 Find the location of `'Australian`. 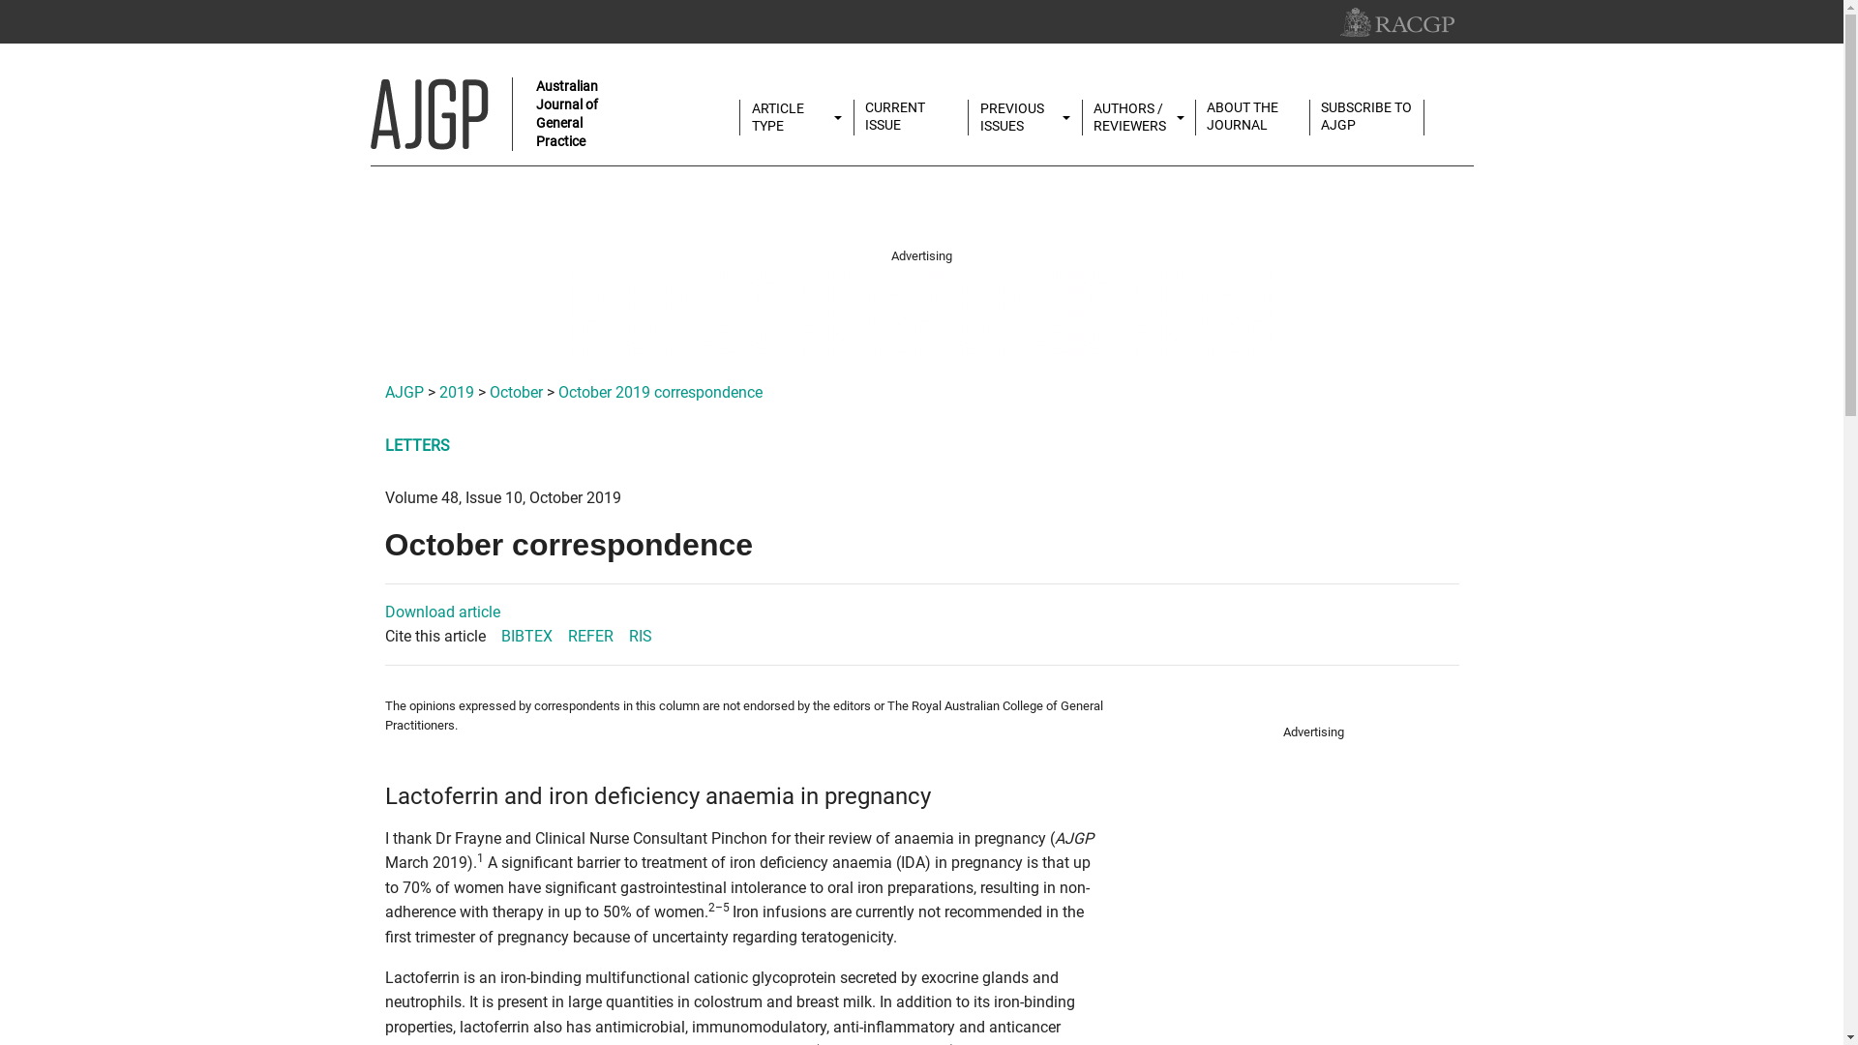

'Australian is located at coordinates (487, 114).